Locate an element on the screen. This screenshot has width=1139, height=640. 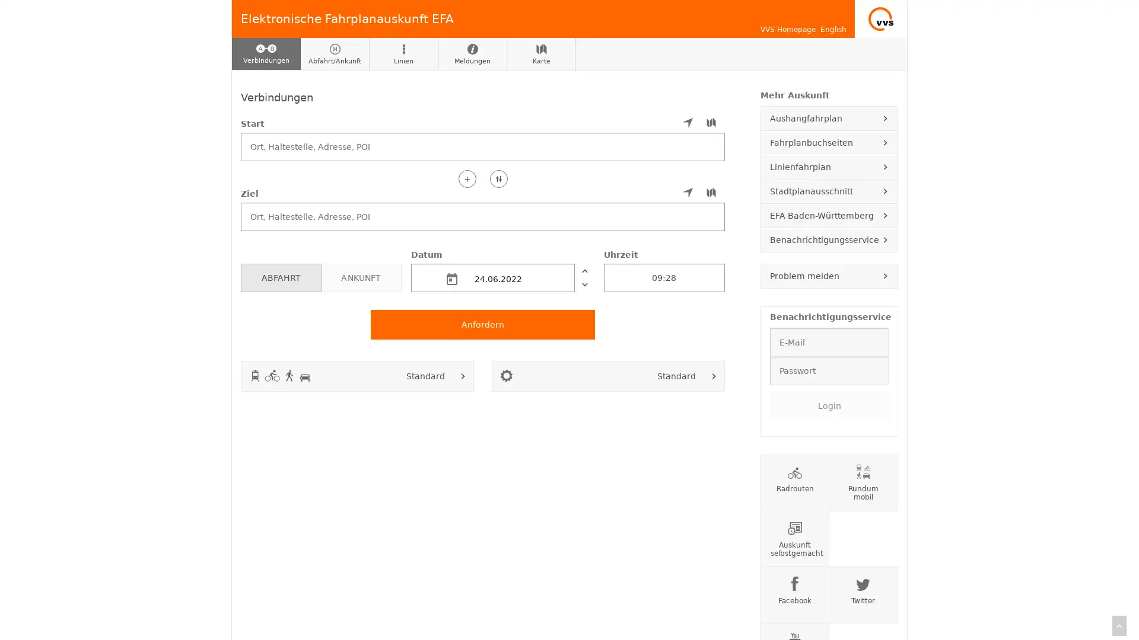
Verkehrsmittel auswahlen is located at coordinates (463, 375).